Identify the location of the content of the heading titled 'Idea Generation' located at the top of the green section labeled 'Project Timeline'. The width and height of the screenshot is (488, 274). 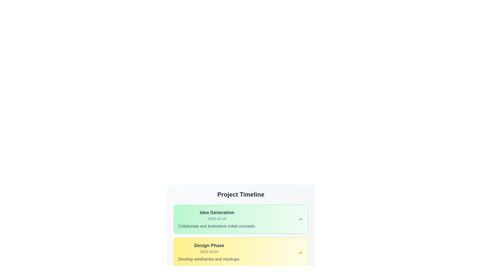
(217, 212).